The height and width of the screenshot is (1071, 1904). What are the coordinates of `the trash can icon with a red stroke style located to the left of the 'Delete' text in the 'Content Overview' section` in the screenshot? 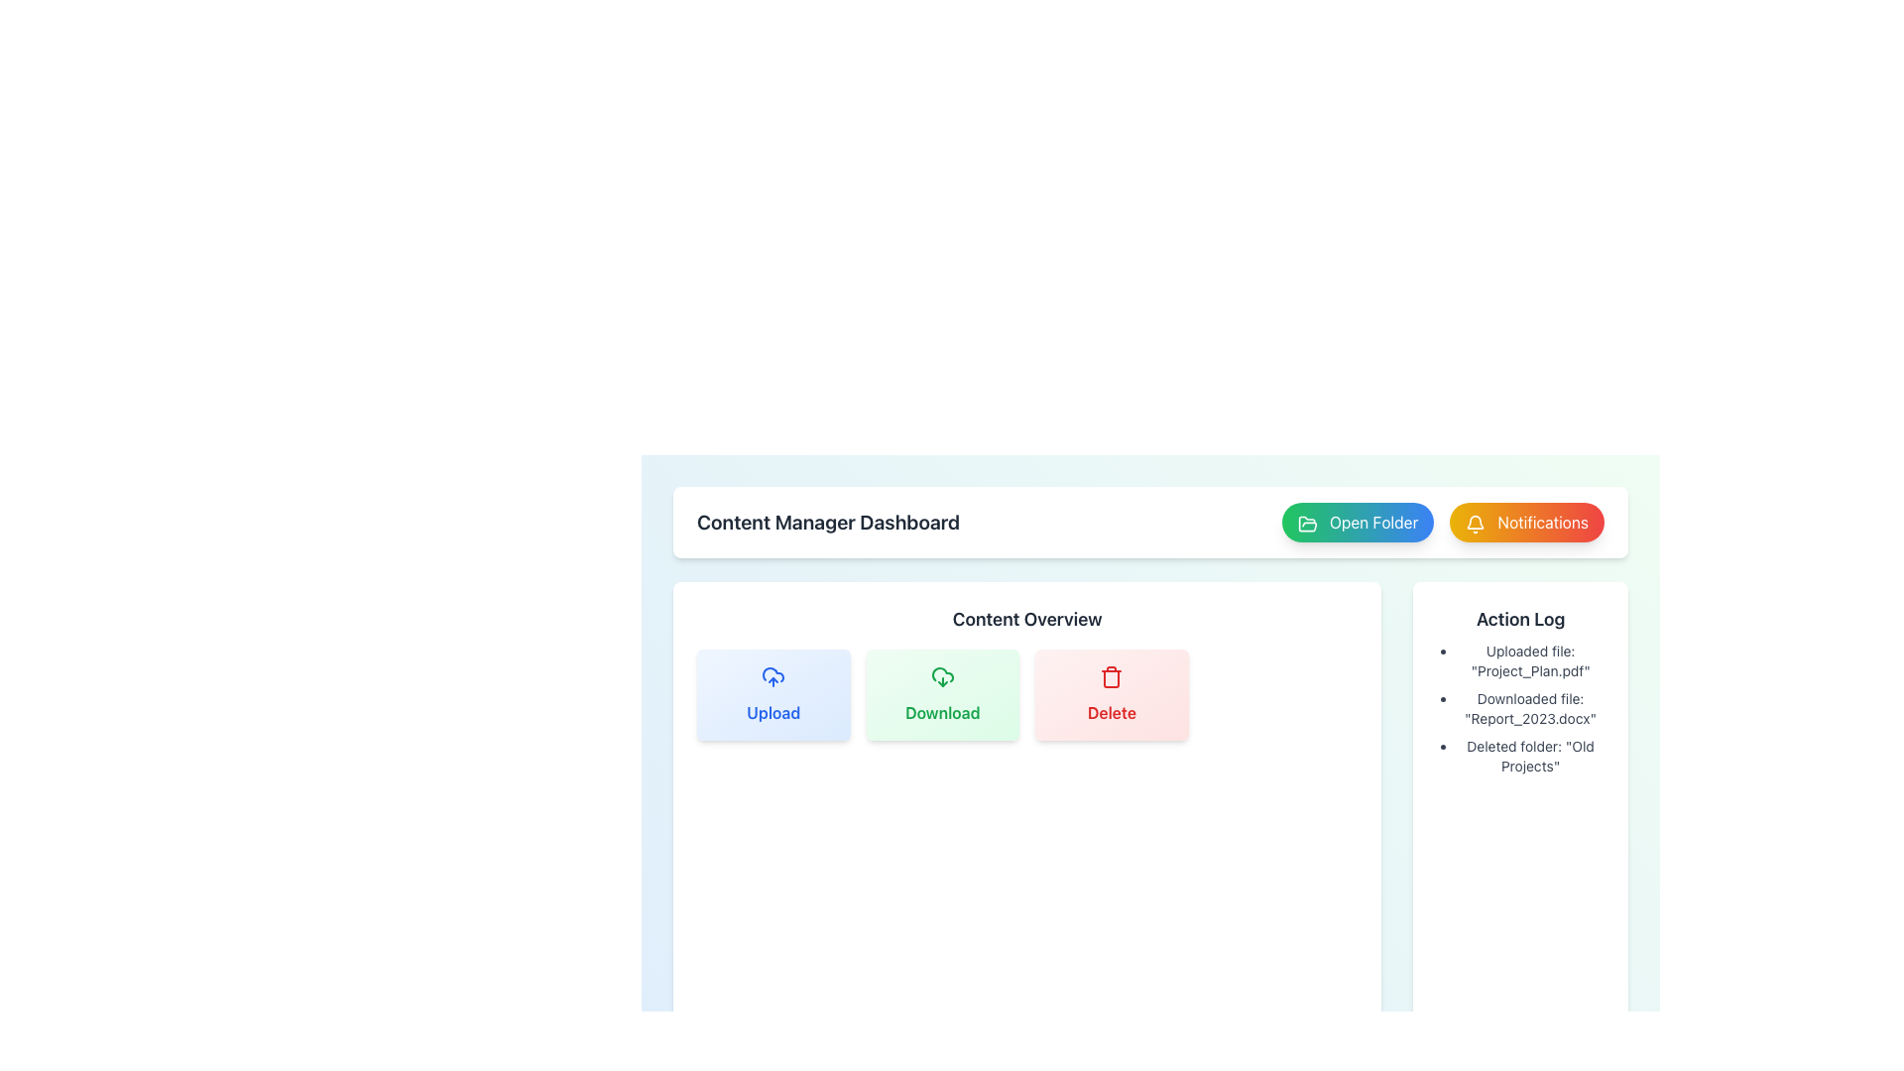 It's located at (1112, 675).